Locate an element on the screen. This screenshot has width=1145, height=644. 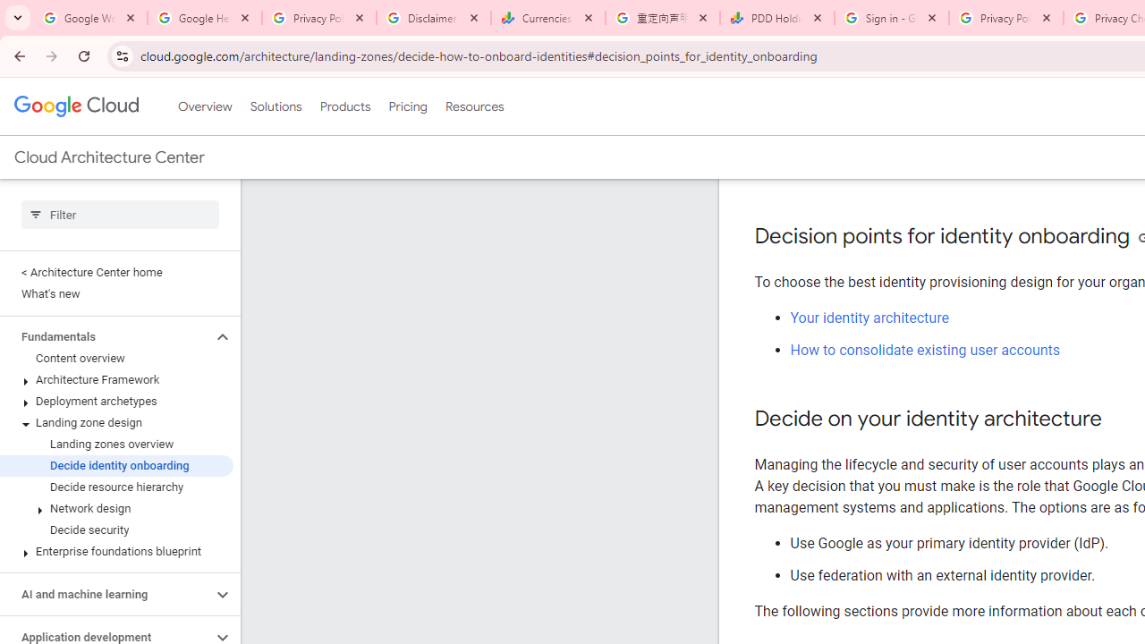
'What' is located at coordinates (115, 293).